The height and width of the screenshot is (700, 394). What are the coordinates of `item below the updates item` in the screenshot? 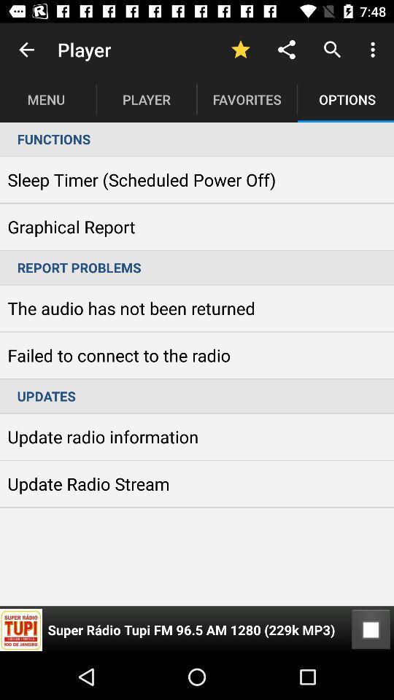 It's located at (371, 629).